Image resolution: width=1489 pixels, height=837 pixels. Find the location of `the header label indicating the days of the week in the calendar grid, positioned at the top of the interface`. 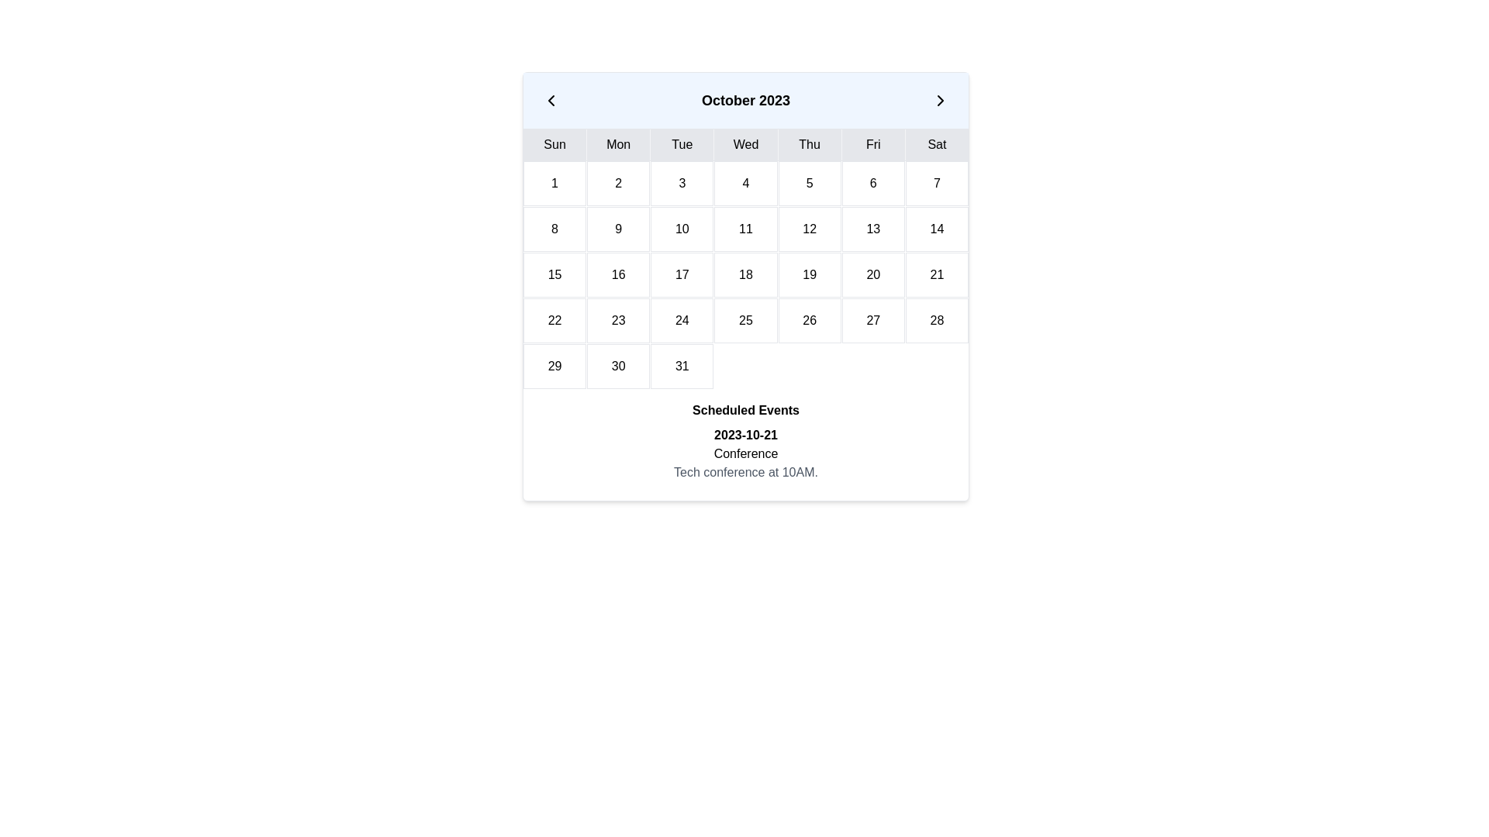

the header label indicating the days of the week in the calendar grid, positioned at the top of the interface is located at coordinates (554, 144).